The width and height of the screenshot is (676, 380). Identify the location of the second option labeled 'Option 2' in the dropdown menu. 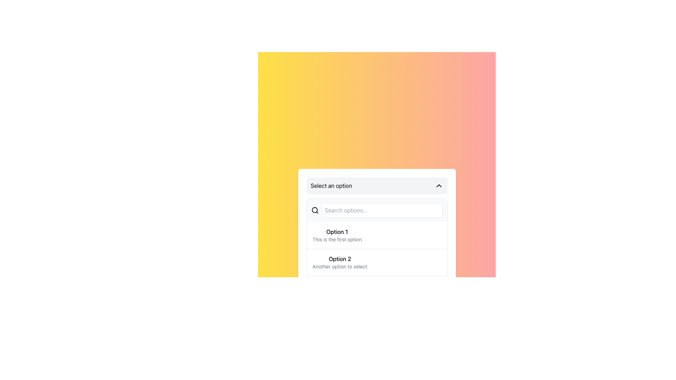
(340, 262).